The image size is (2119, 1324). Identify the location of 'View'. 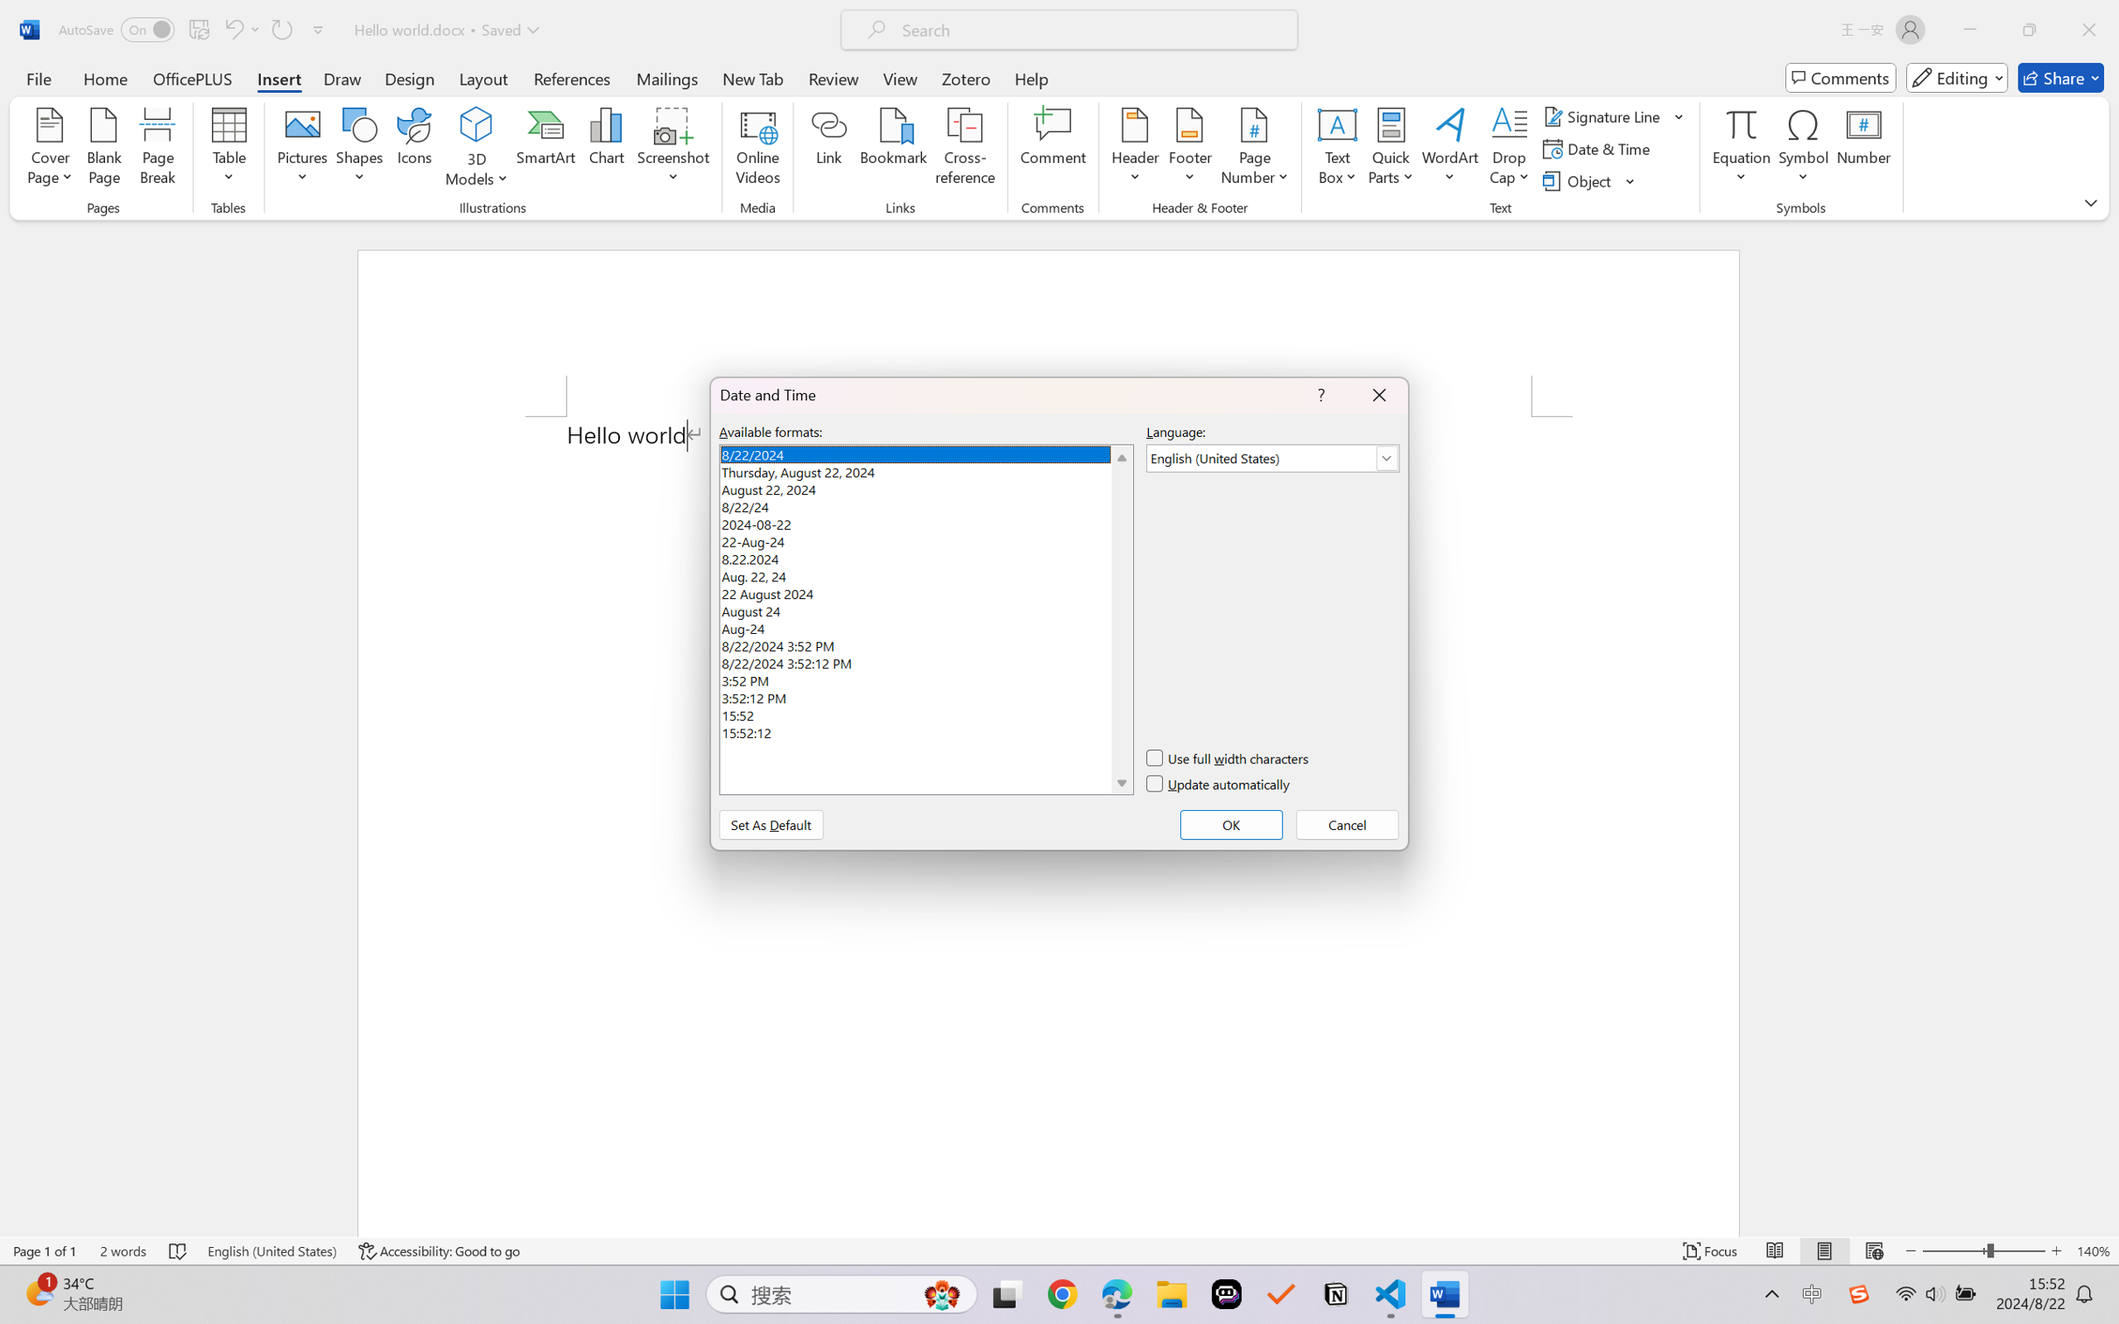
(900, 77).